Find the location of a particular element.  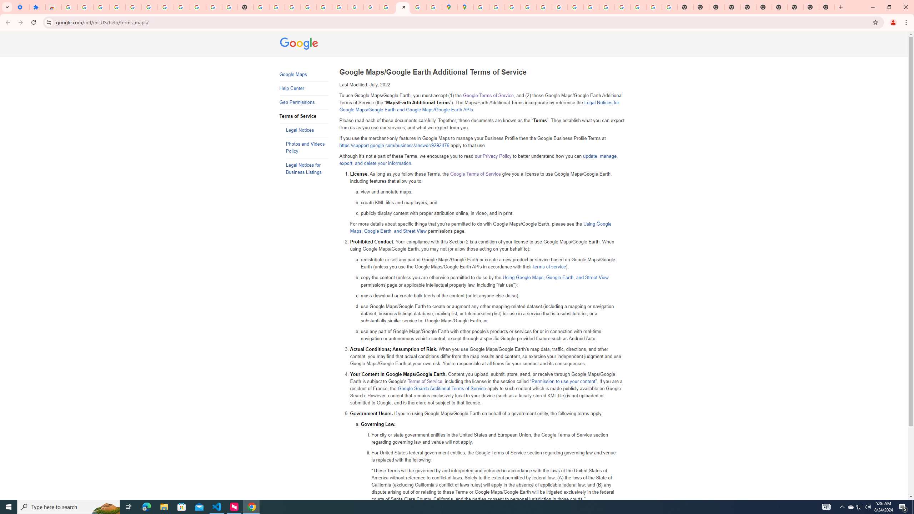

'Legal Notices' is located at coordinates (307, 130).